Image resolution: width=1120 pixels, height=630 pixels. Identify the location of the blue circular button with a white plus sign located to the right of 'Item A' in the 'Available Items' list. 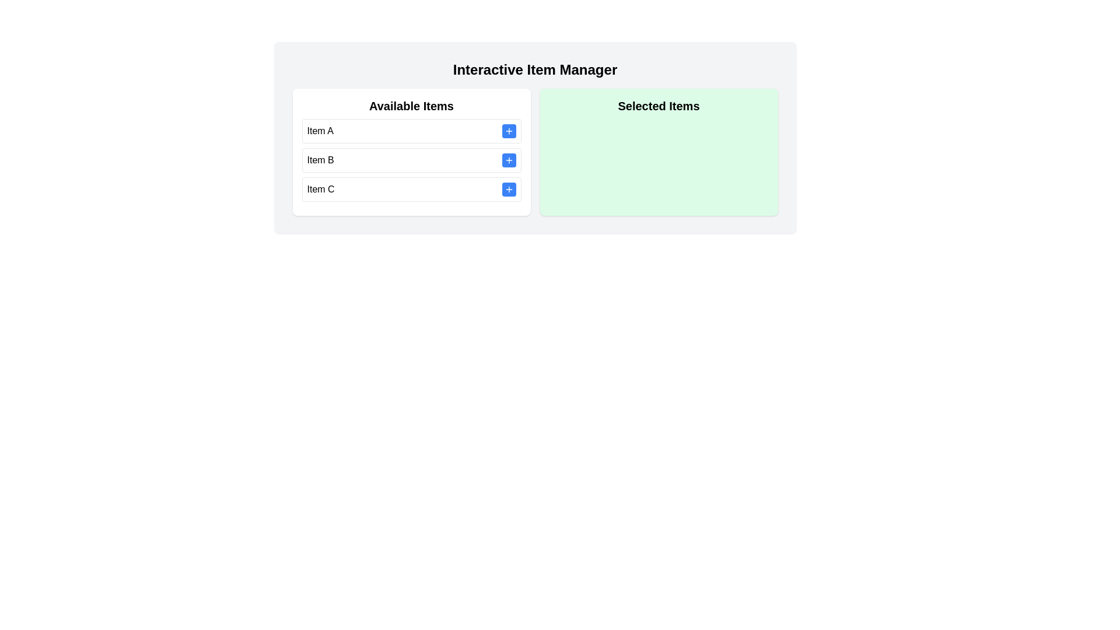
(509, 131).